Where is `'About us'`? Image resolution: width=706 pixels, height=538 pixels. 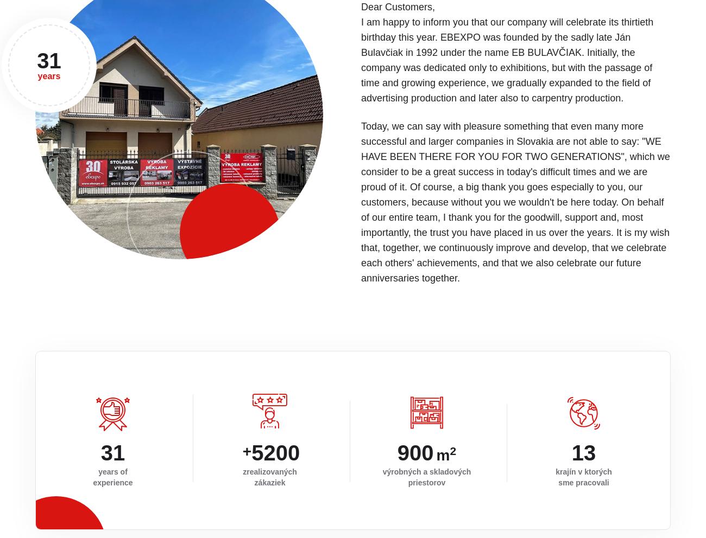 'About us' is located at coordinates (595, 446).